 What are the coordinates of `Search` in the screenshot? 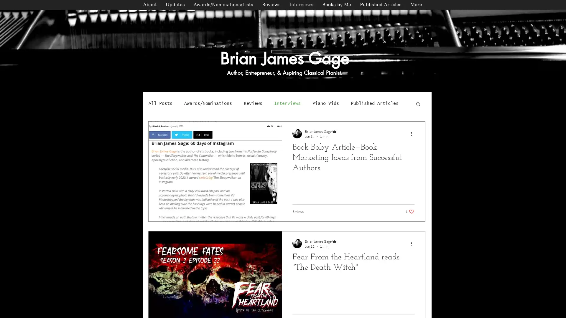 It's located at (418, 104).